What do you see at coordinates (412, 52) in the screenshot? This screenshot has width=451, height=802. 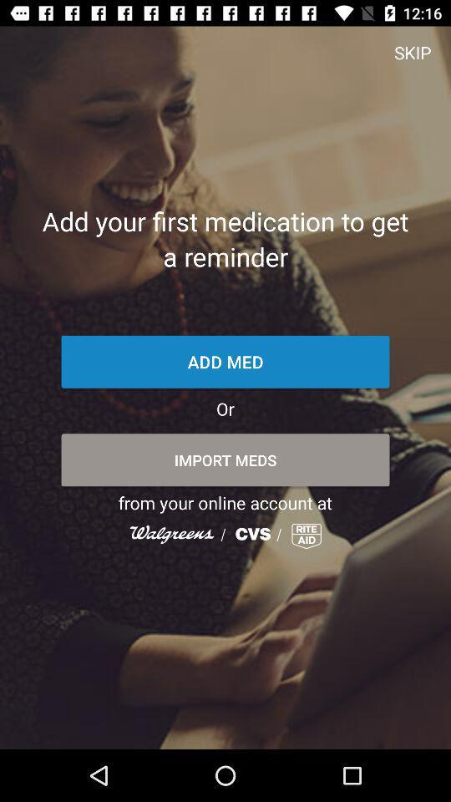 I see `the icon at the top right corner` at bounding box center [412, 52].